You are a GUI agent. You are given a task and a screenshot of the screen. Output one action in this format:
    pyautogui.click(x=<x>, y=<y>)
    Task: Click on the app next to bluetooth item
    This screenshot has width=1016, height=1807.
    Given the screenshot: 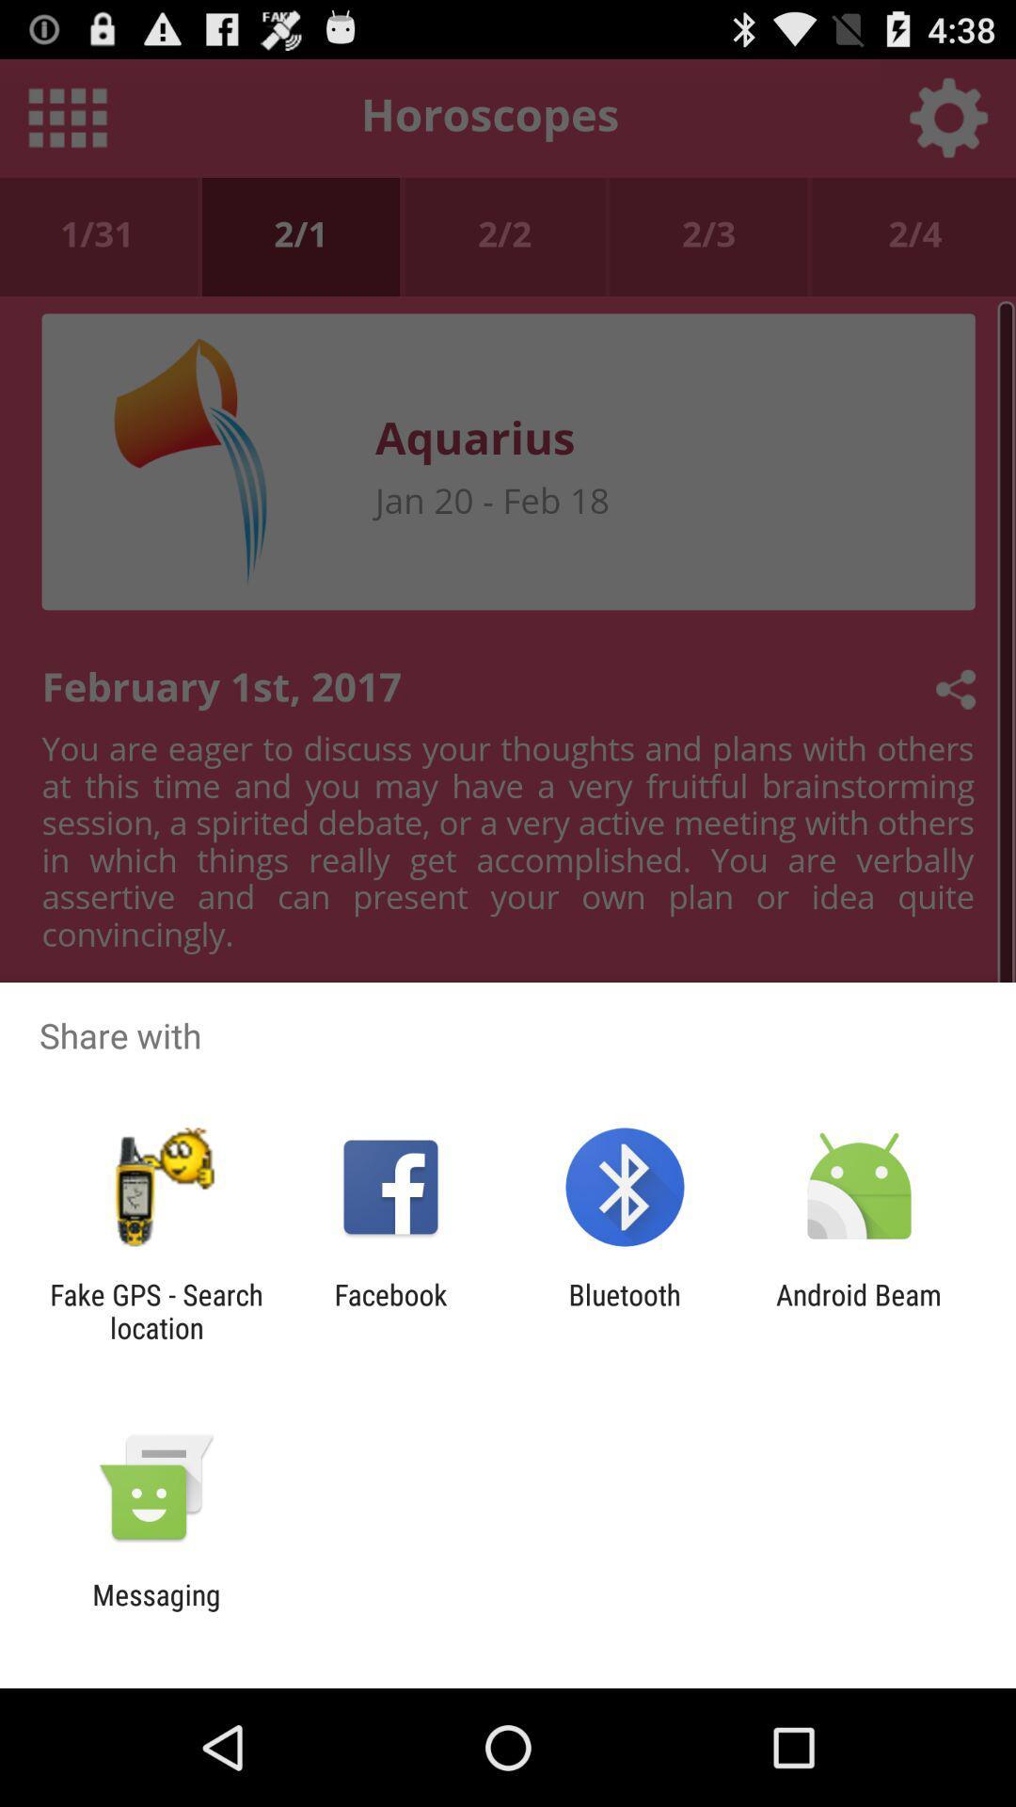 What is the action you would take?
    pyautogui.click(x=859, y=1310)
    